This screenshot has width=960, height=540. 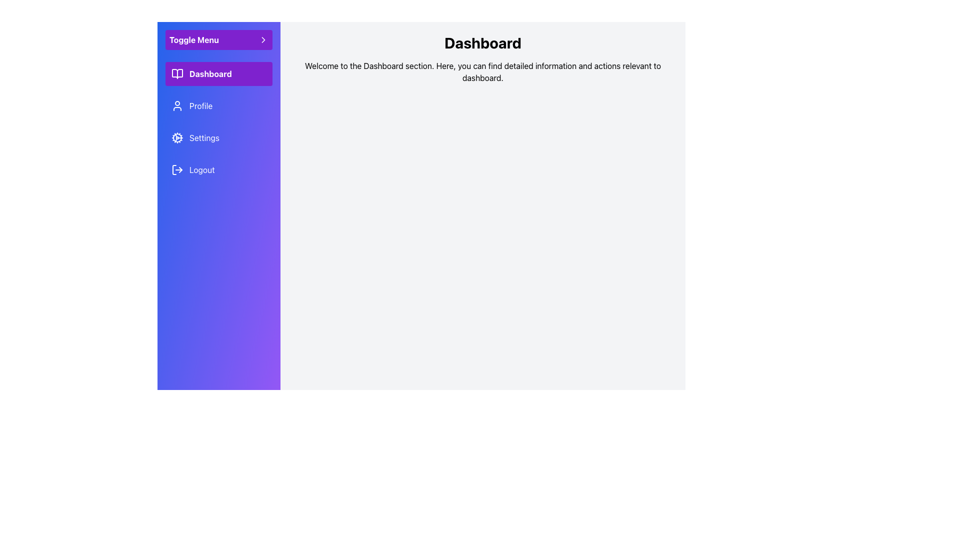 What do you see at coordinates (210, 73) in the screenshot?
I see `the 'Dashboard' text label located inside the clickable purple rectangular button next to the open book icon in the vertical navigation bar` at bounding box center [210, 73].